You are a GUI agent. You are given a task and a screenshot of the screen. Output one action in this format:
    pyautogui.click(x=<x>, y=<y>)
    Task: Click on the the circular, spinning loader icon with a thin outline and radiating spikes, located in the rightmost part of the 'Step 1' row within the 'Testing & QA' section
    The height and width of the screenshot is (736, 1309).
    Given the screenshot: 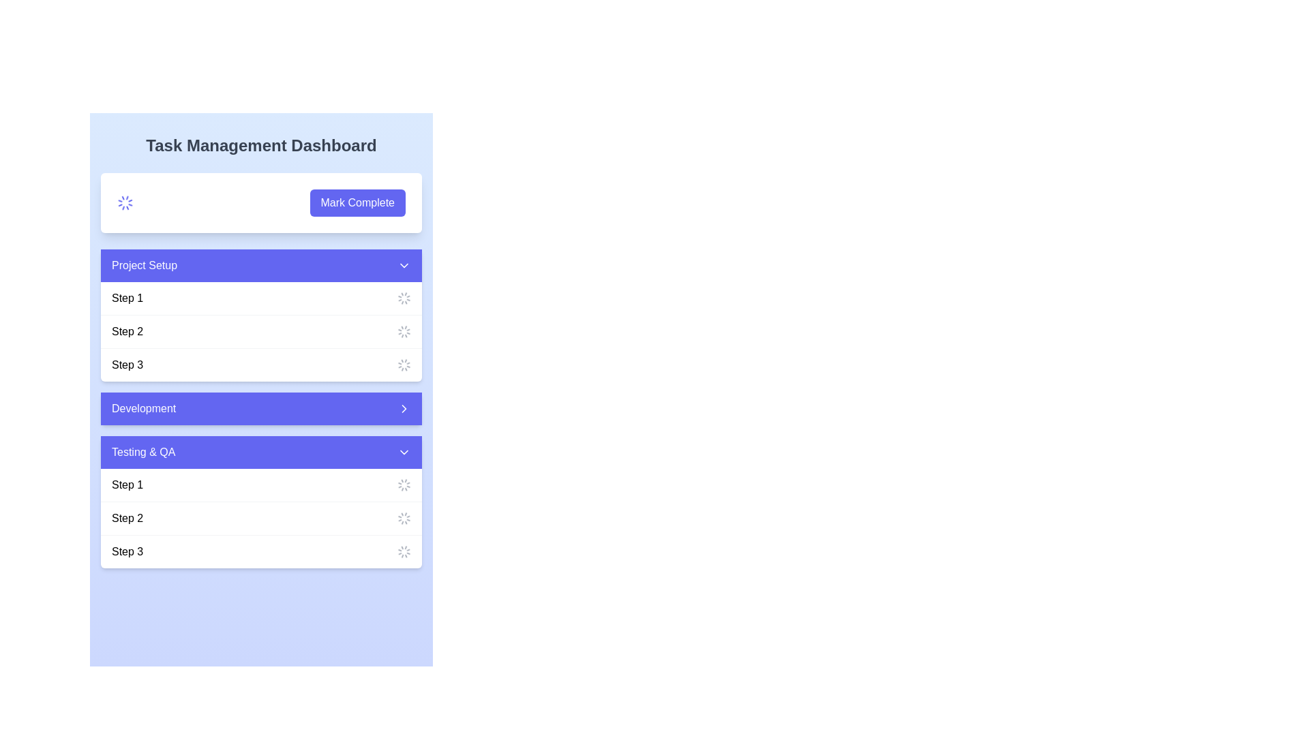 What is the action you would take?
    pyautogui.click(x=404, y=485)
    